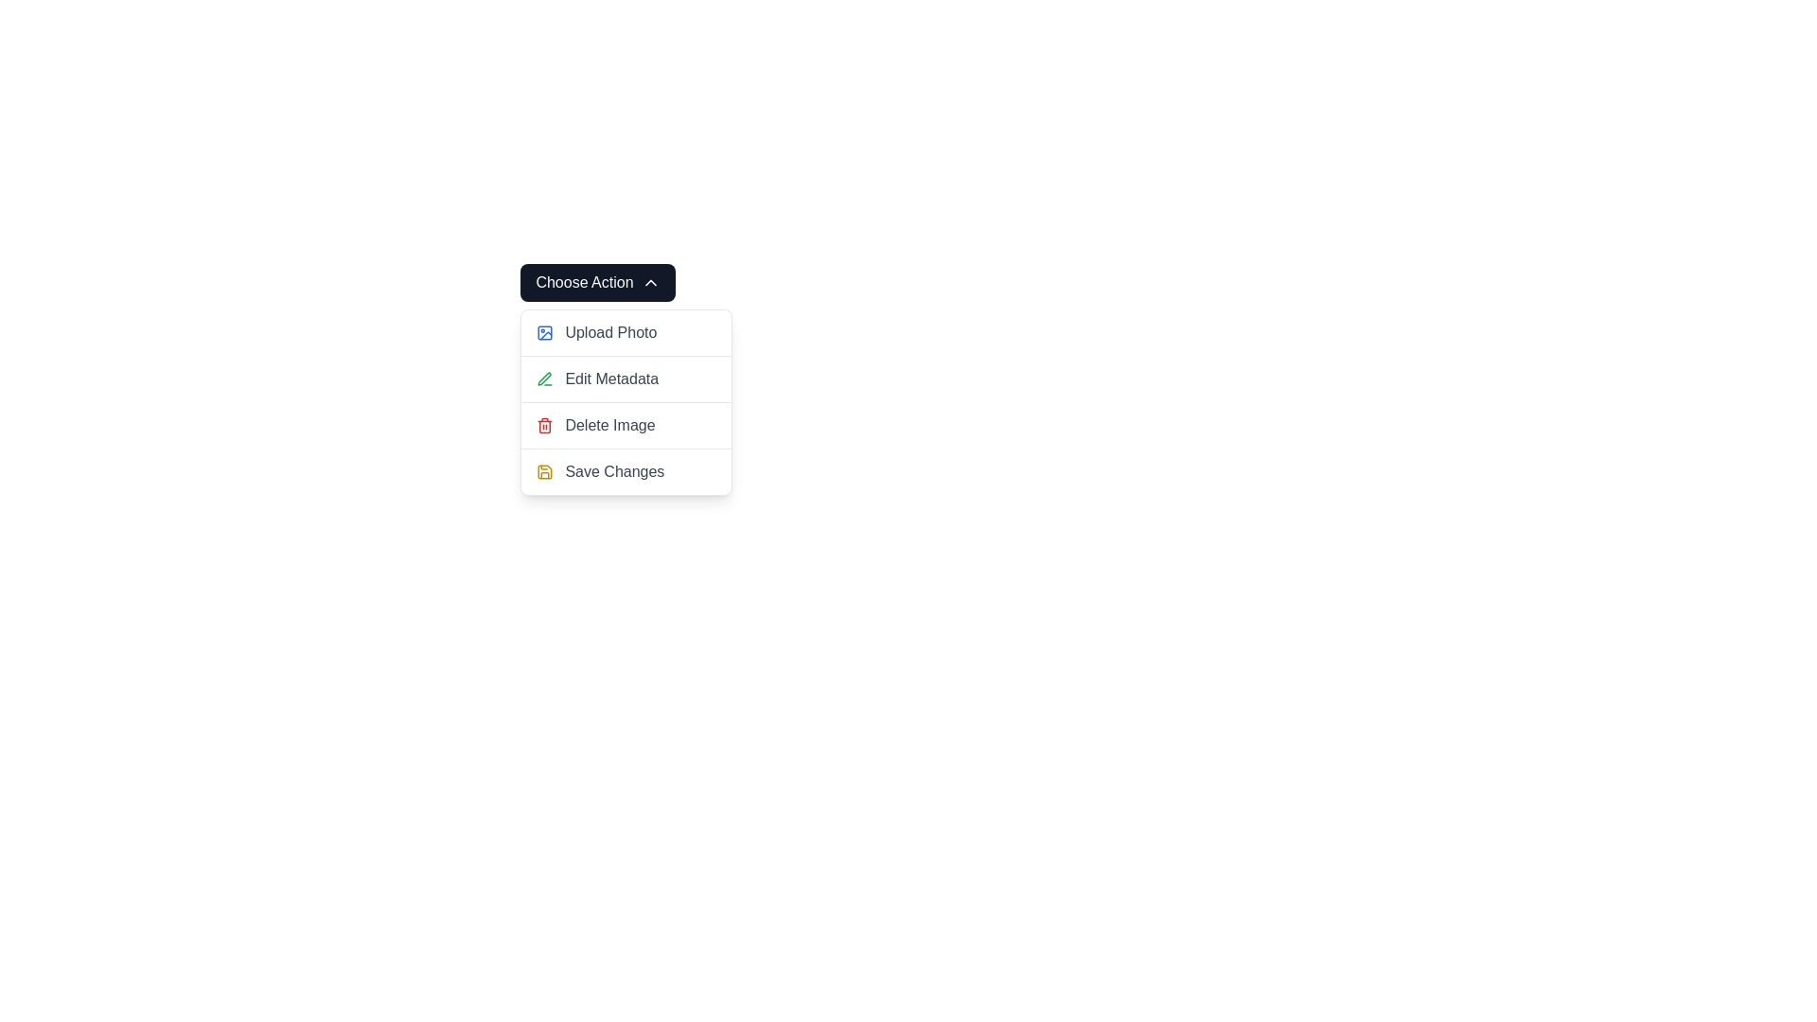  What do you see at coordinates (626, 331) in the screenshot?
I see `the 'Upload Photo' button, which features a blue-colored photo symbol and is located directly beneath the 'Choose Action' header in the vertical action menu` at bounding box center [626, 331].